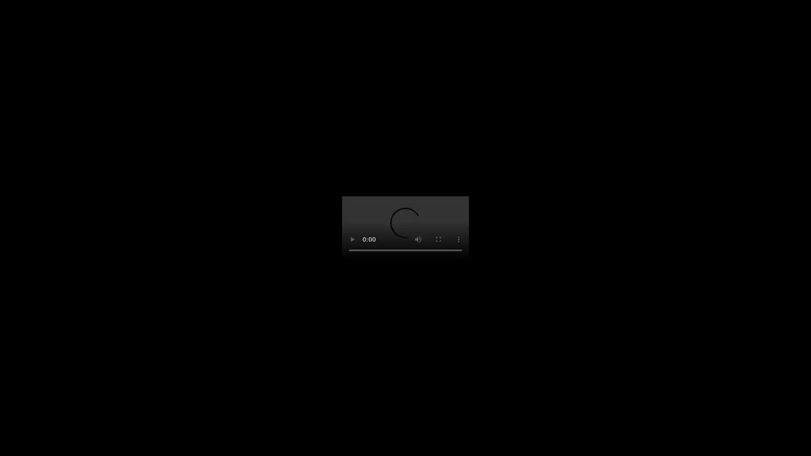  Describe the element at coordinates (438, 239) in the screenshot. I see `enter full screen` at that location.